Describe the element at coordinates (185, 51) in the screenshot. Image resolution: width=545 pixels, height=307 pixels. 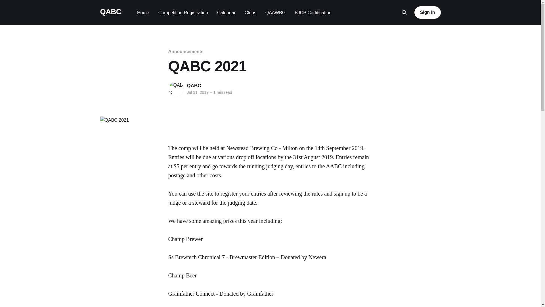
I see `'Announcements'` at that location.